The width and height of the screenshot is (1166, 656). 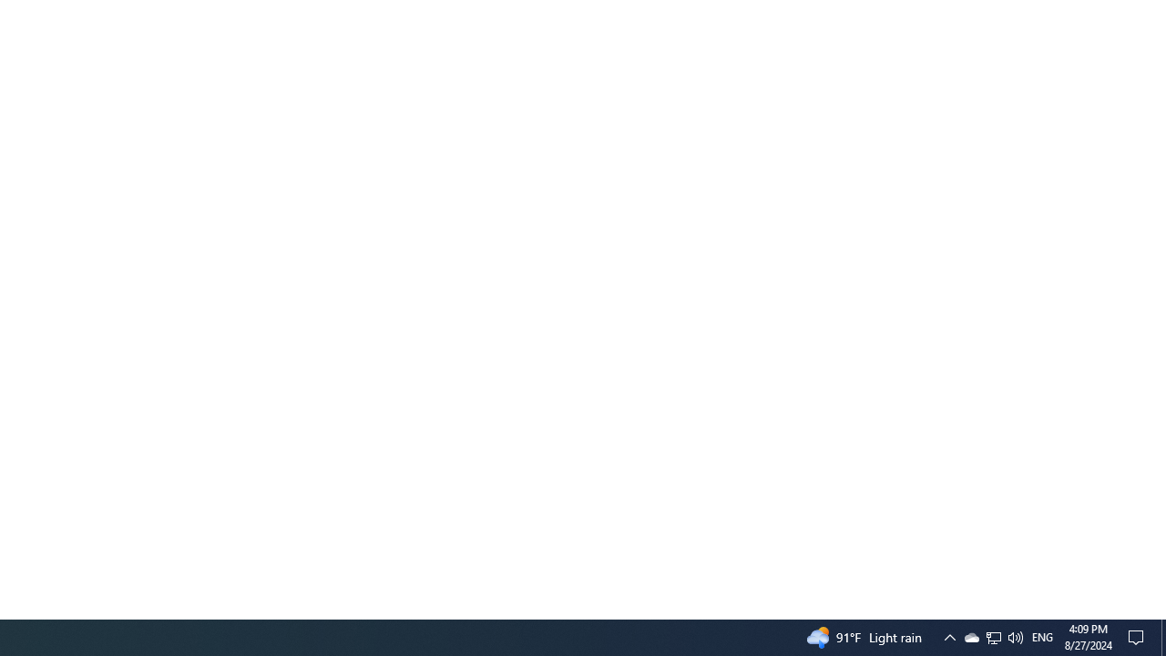 What do you see at coordinates (1014, 636) in the screenshot?
I see `'Q2790: 100%'` at bounding box center [1014, 636].